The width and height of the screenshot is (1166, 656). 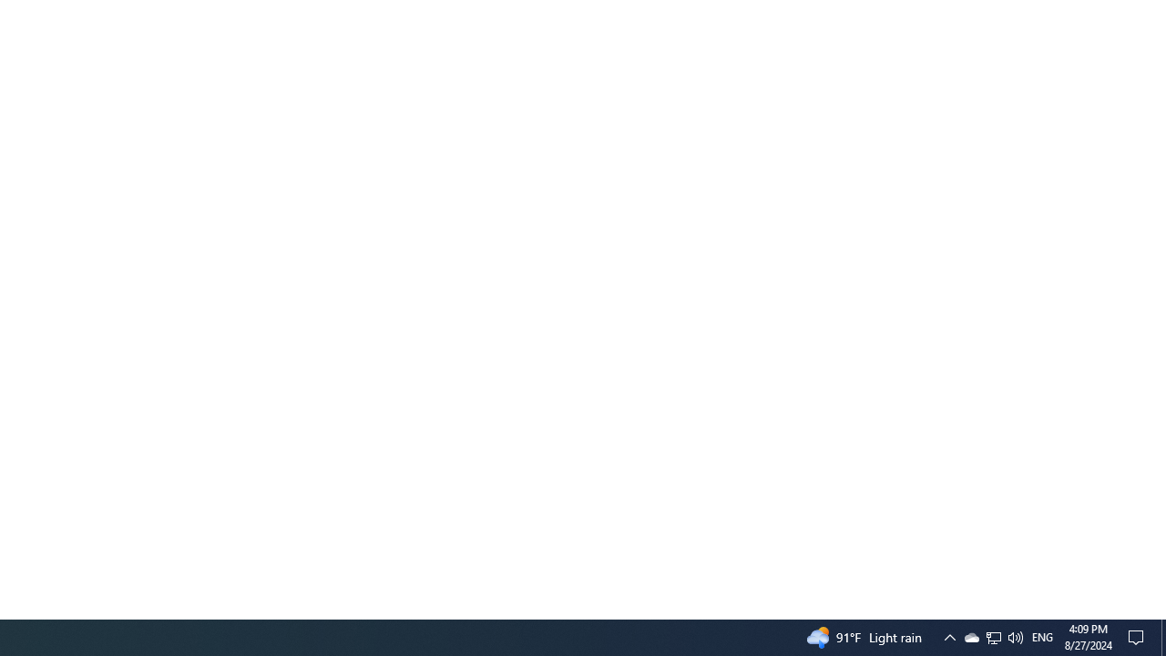 What do you see at coordinates (1014, 636) in the screenshot?
I see `'Q2790: 100%'` at bounding box center [1014, 636].